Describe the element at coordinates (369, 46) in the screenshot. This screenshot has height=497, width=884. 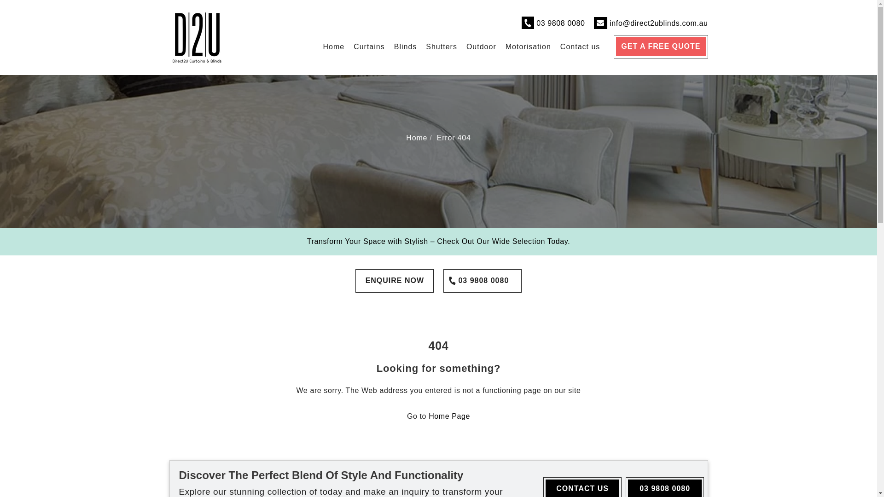
I see `'Curtains'` at that location.